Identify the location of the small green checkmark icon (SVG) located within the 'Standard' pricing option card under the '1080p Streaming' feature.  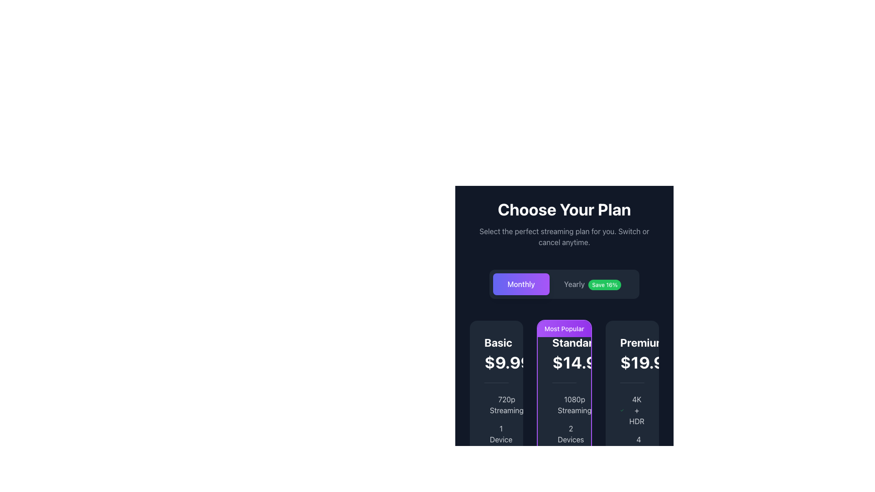
(557, 405).